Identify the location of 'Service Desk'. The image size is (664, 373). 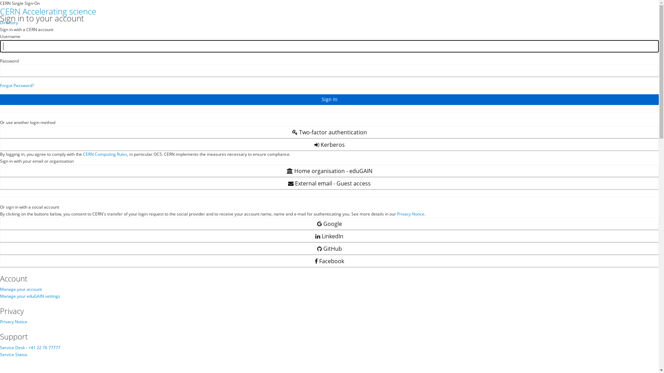
(12, 347).